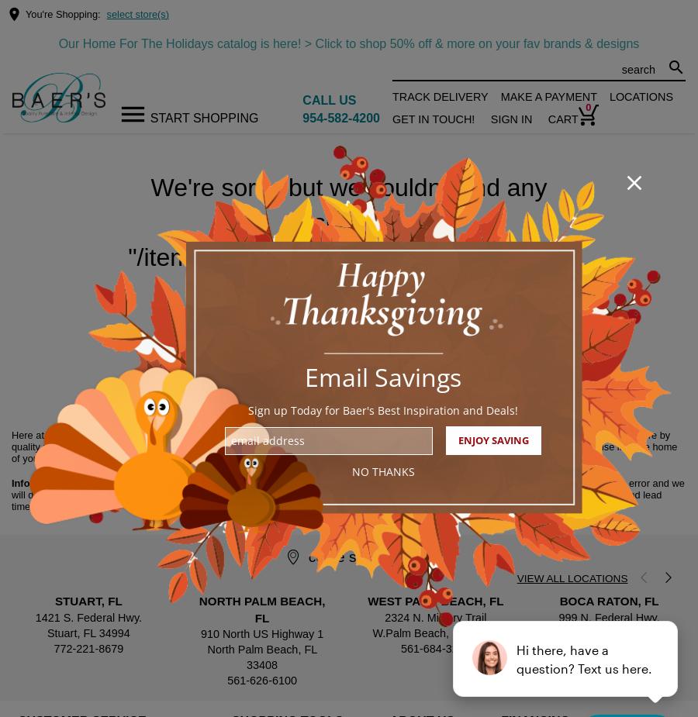 The width and height of the screenshot is (698, 717). Describe the element at coordinates (434, 648) in the screenshot. I see `'561-684-3225'` at that location.